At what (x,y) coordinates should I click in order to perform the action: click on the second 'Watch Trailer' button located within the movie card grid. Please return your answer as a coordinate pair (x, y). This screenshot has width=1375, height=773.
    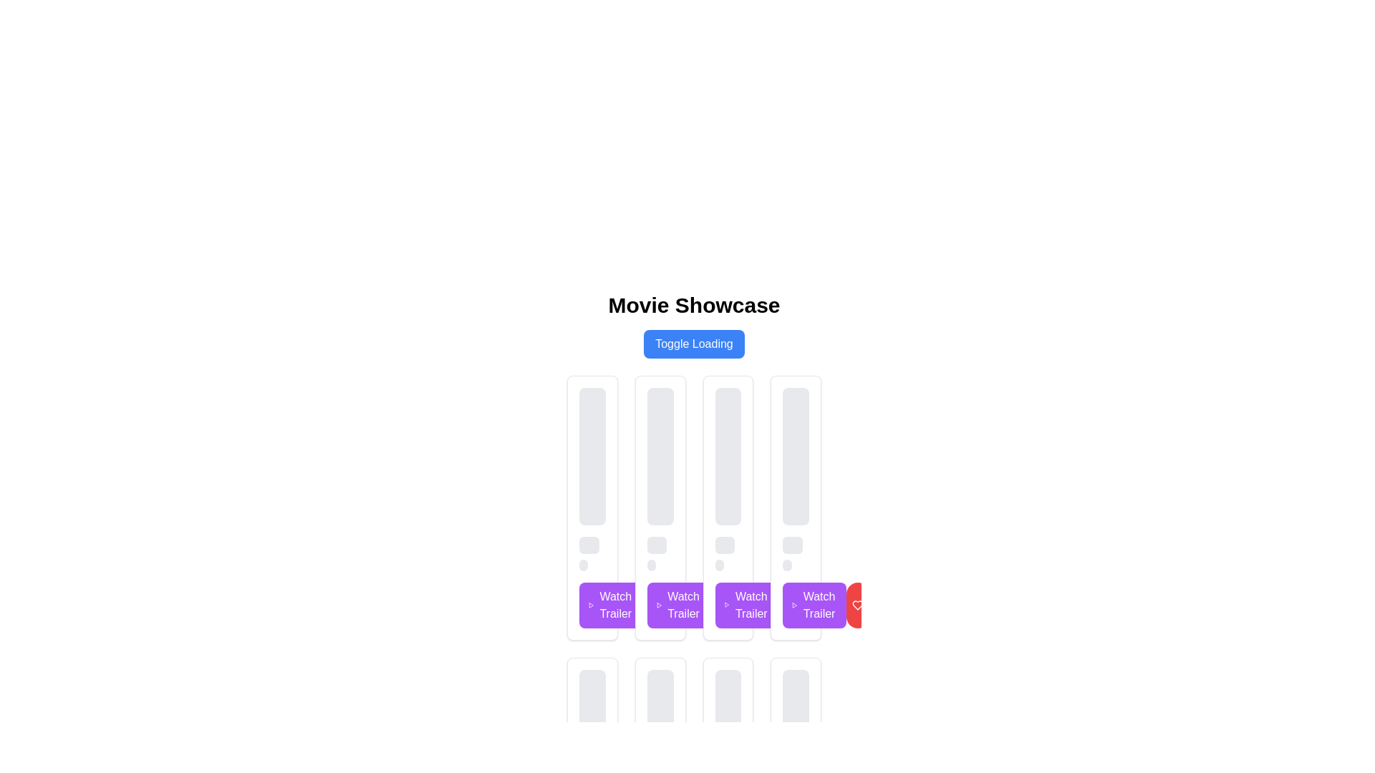
    Looking at the image, I should click on (678, 605).